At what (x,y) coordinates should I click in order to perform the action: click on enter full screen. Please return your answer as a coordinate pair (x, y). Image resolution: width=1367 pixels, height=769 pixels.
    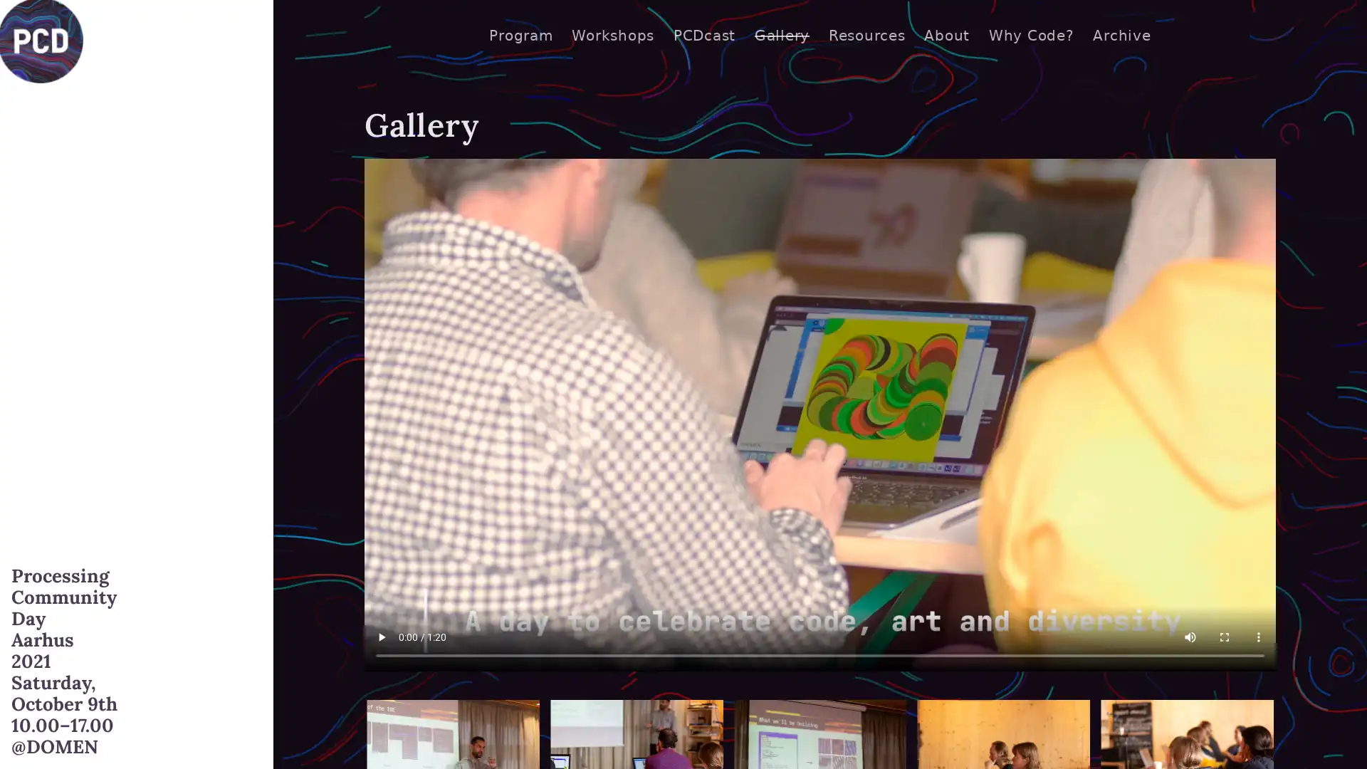
    Looking at the image, I should click on (1223, 636).